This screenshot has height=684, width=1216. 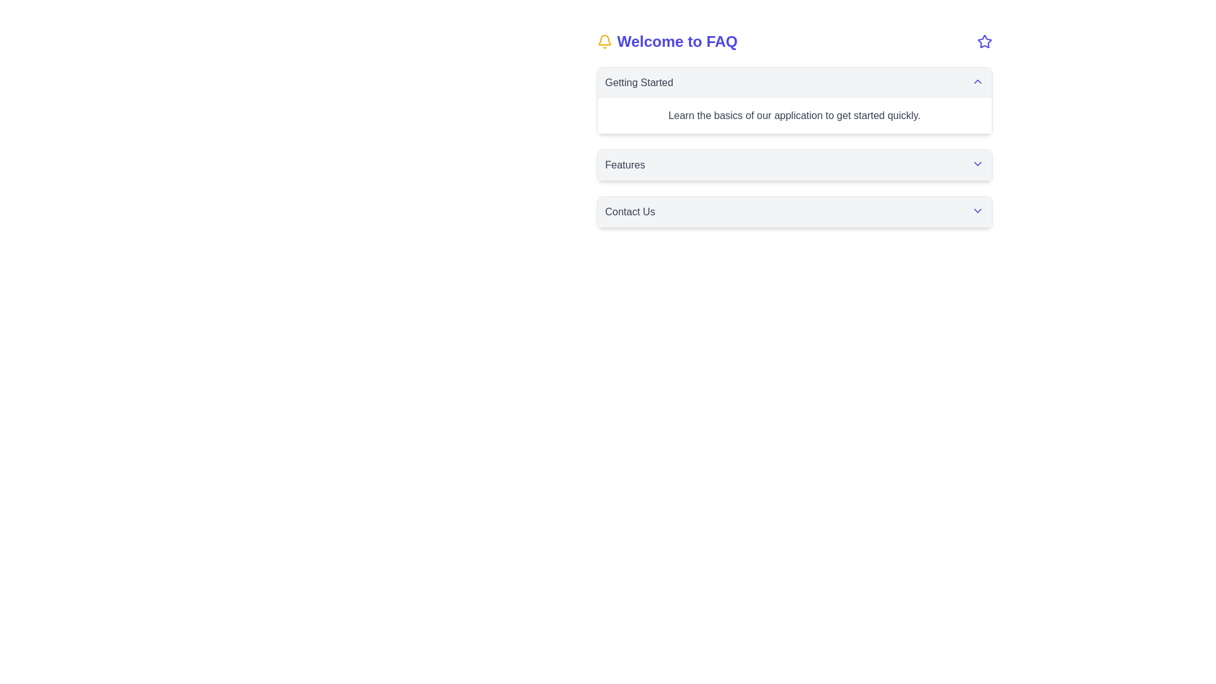 What do you see at coordinates (666, 41) in the screenshot?
I see `the non-interactive text heading located in the top-left section of the interface, which serves as a section heading for the FAQ` at bounding box center [666, 41].